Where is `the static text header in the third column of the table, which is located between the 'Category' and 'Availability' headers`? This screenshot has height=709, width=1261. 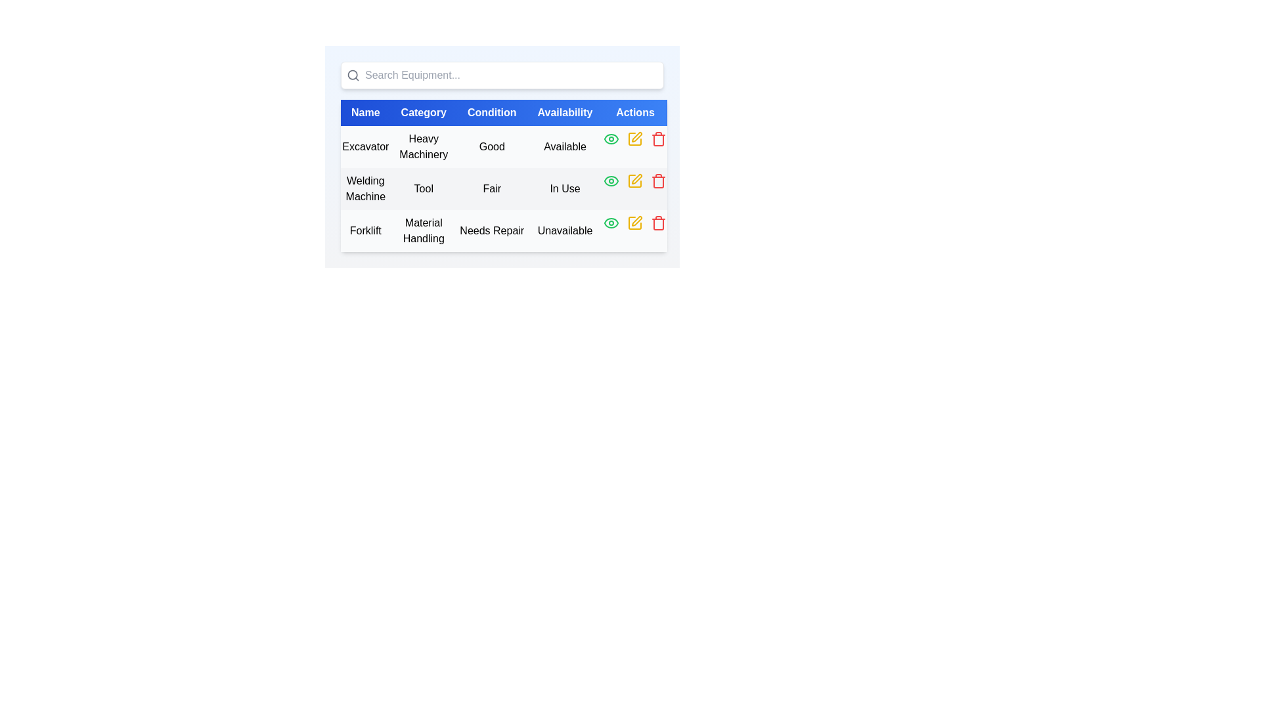 the static text header in the third column of the table, which is located between the 'Category' and 'Availability' headers is located at coordinates (491, 112).